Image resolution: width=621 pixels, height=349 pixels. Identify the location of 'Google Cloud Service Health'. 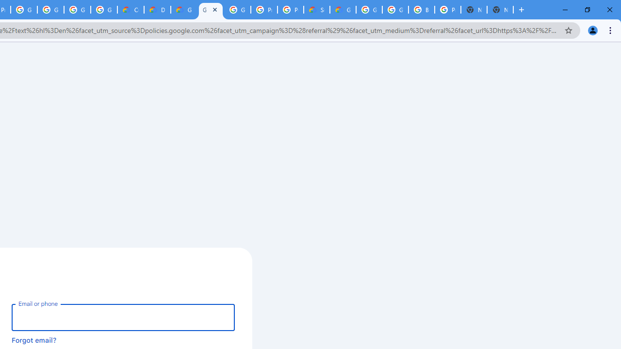
(343, 10).